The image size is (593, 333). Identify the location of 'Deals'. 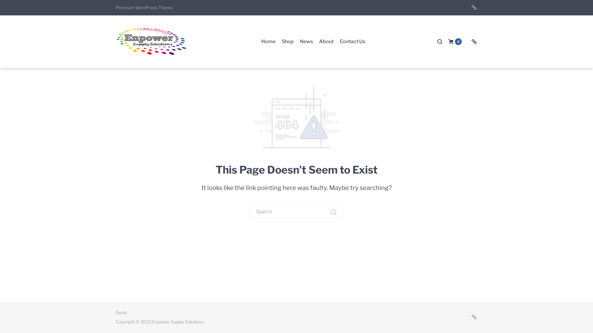
(474, 317).